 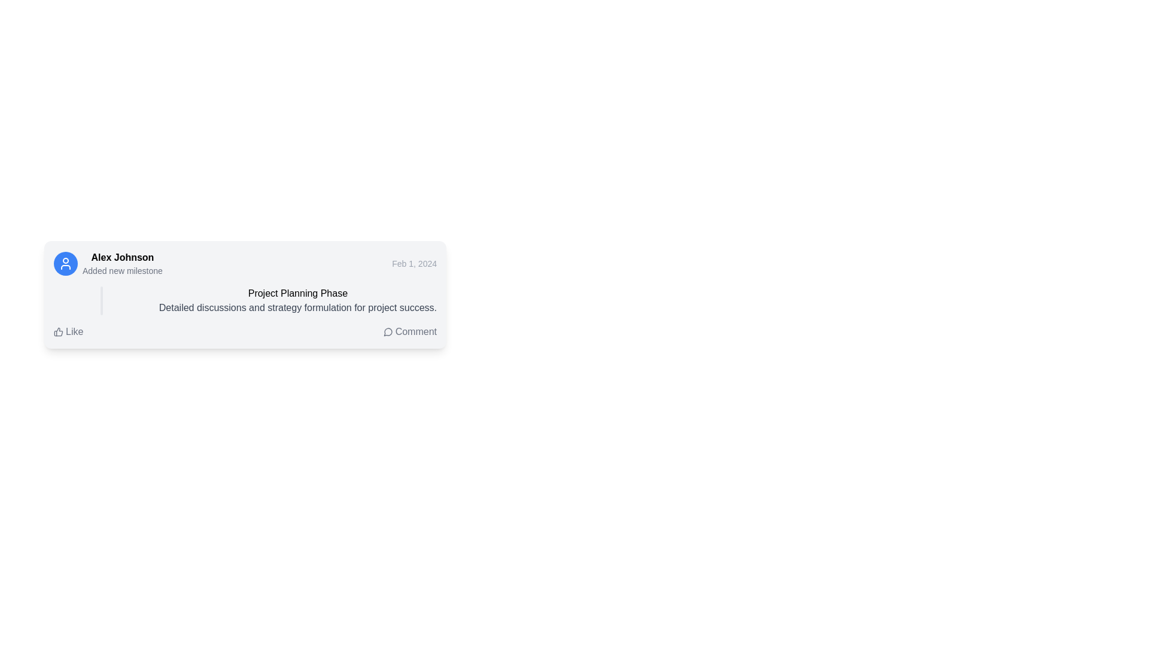 I want to click on the Text Label element displaying 'Added new milestone', which is styled in a smaller font with a subtle gray color, located below the bold user name 'Alex Johnson', so click(x=122, y=270).